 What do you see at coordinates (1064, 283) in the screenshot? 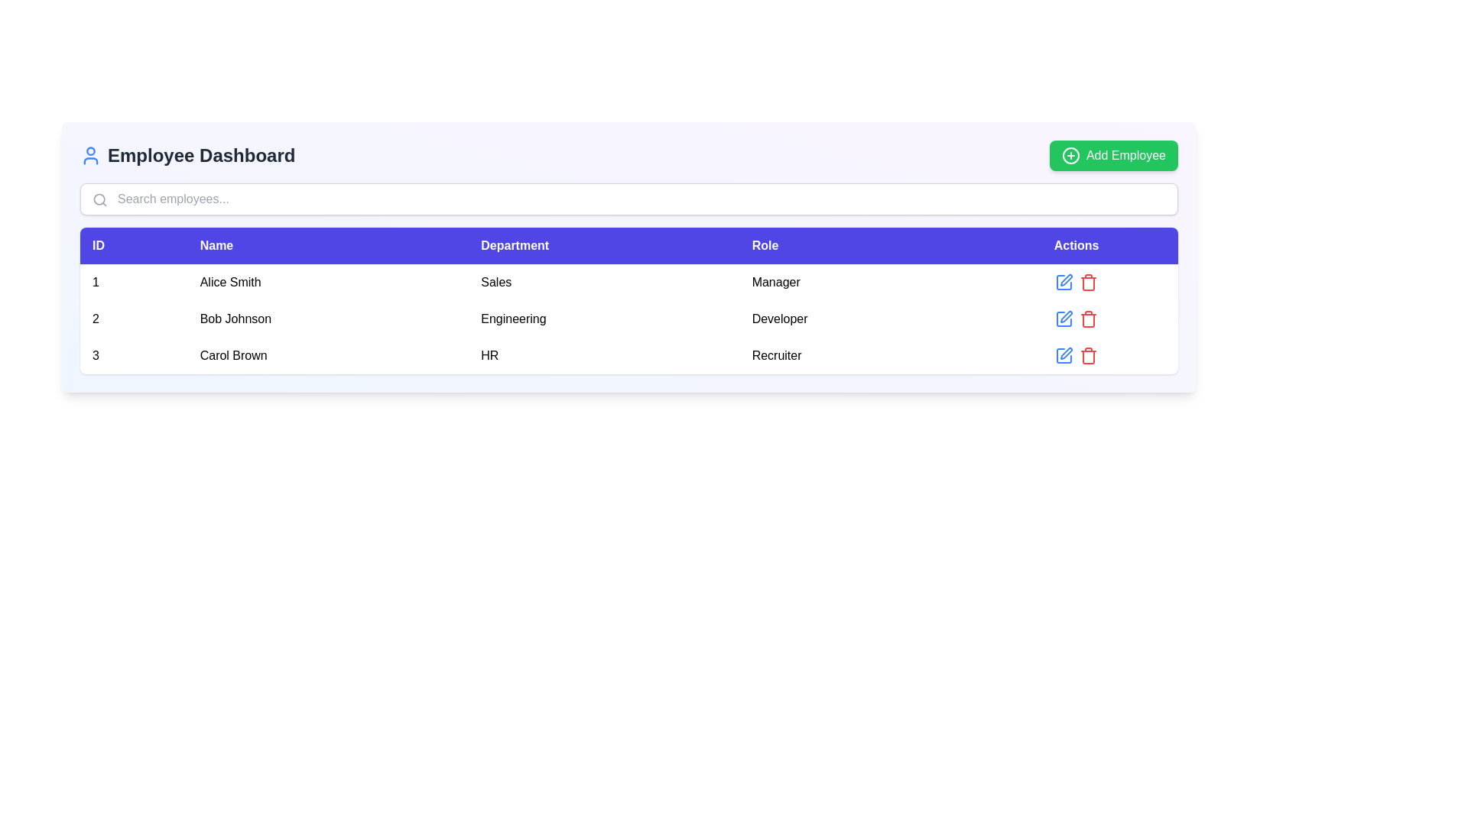
I see `the editing icon button located in the 'Actions' column of the topmost row in the table` at bounding box center [1064, 283].